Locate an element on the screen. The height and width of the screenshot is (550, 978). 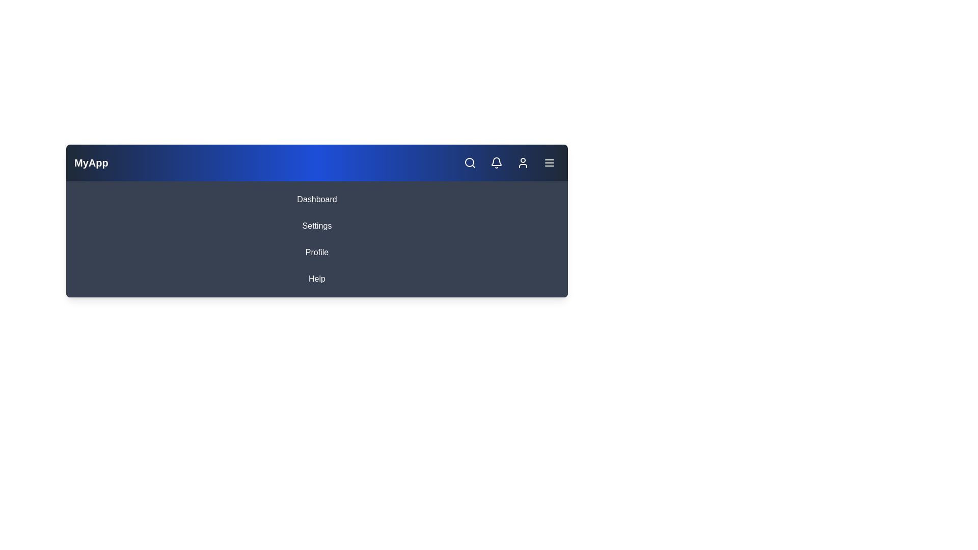
the navigation item Help in the menu is located at coordinates (316, 279).